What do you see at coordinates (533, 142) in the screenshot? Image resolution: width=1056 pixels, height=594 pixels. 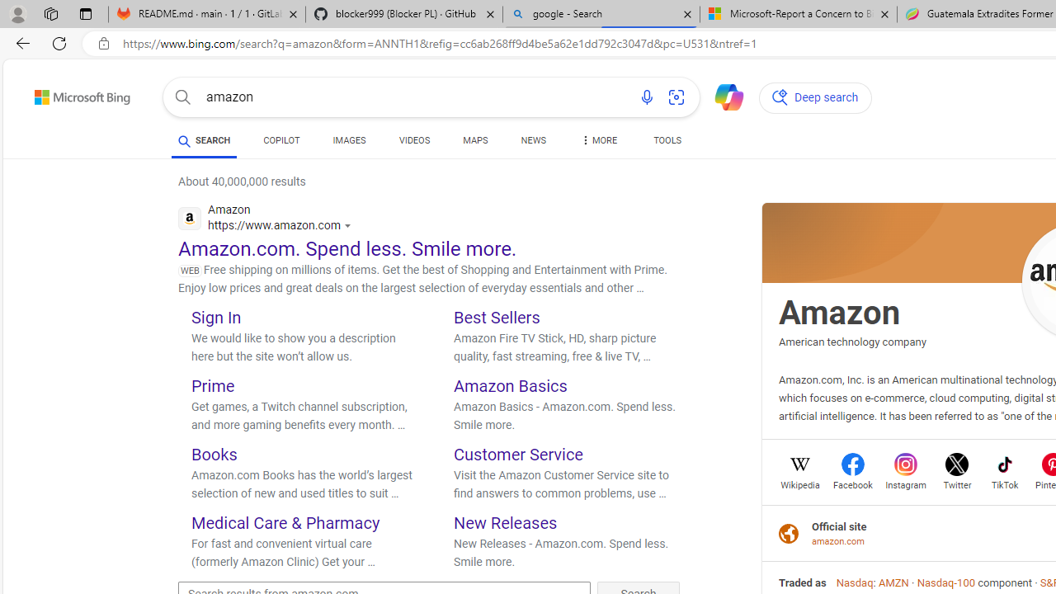 I see `'NEWS'` at bounding box center [533, 142].